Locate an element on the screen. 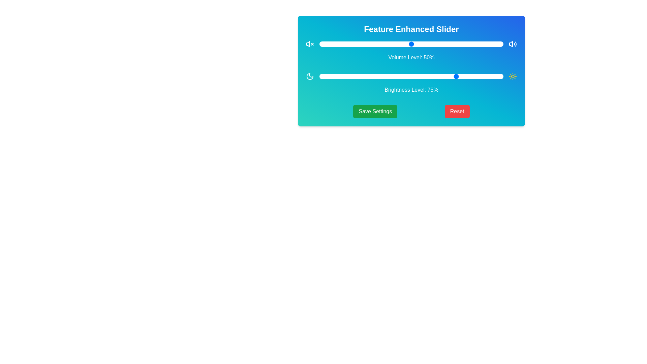 The width and height of the screenshot is (647, 364). the text label displaying 'Brightness Level: 75%', which is styled in white font and located at the bottom of the brightness adjustment control interface is located at coordinates (411, 89).